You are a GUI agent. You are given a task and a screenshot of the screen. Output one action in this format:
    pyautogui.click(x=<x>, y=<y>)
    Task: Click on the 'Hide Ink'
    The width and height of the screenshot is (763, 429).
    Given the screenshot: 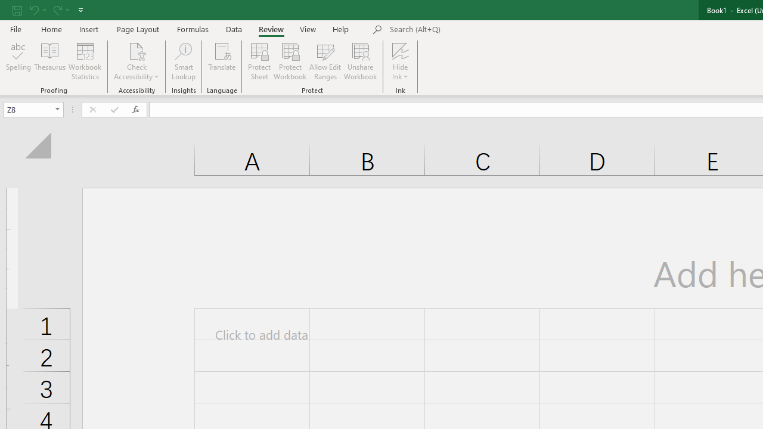 What is the action you would take?
    pyautogui.click(x=401, y=61)
    